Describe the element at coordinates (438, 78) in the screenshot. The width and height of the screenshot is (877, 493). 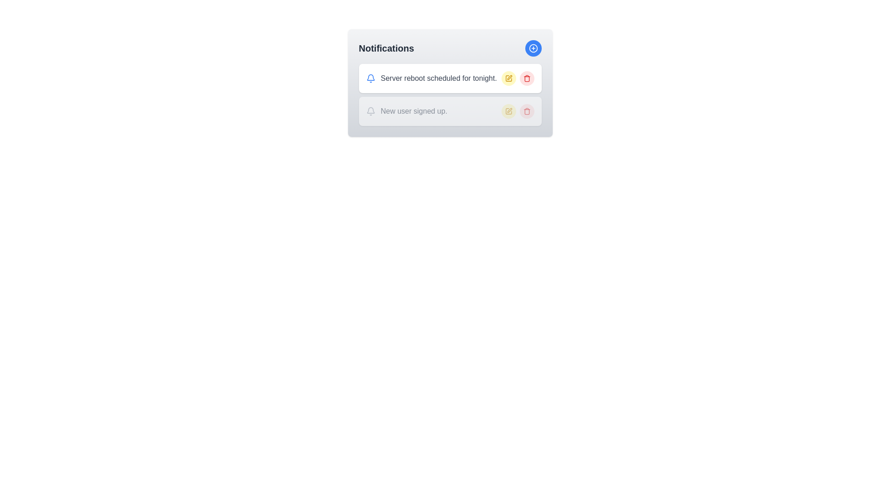
I see `the text label displaying 'Server reboot scheduled for tonight.', which is part of the notification list and positioned next to a bell icon and interactive controls` at that location.